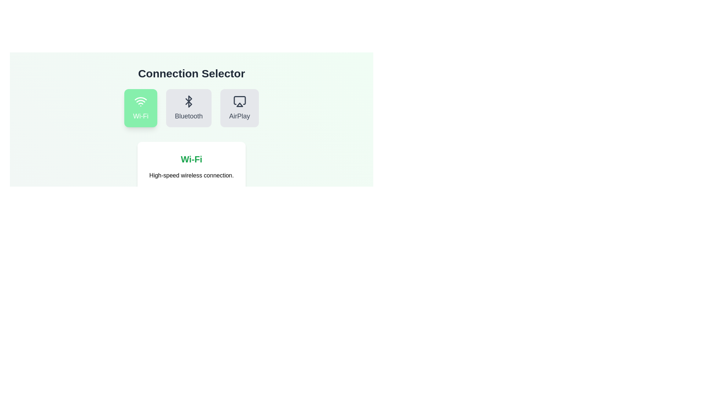 The height and width of the screenshot is (396, 704). What do you see at coordinates (141, 108) in the screenshot?
I see `the connection option Wi-Fi to view its hover effects` at bounding box center [141, 108].